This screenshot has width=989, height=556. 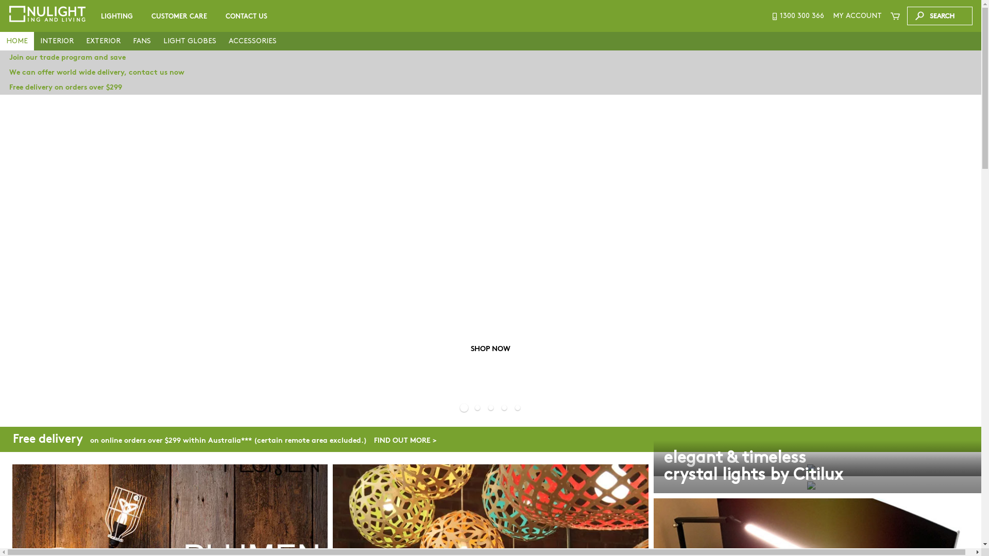 What do you see at coordinates (141, 41) in the screenshot?
I see `'FANS'` at bounding box center [141, 41].